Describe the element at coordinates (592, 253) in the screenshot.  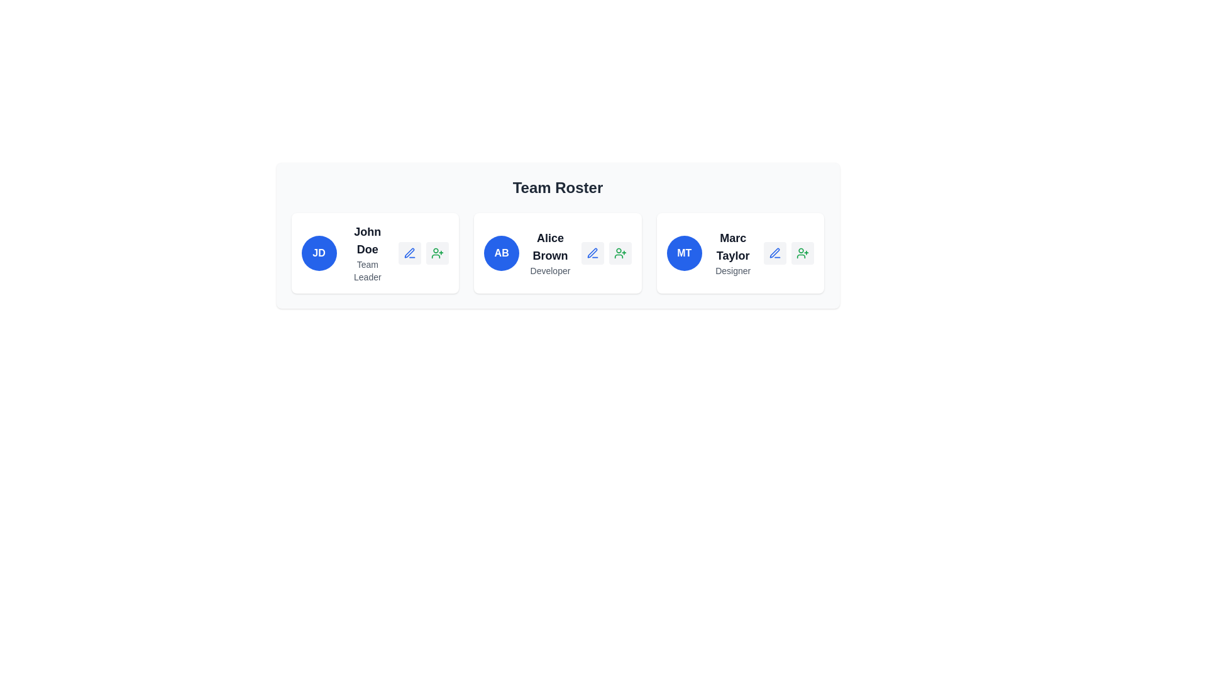
I see `the circular edit button with a pen icon located under the 'Alice Brown' profile in the team roster section to initiate an edit action` at that location.